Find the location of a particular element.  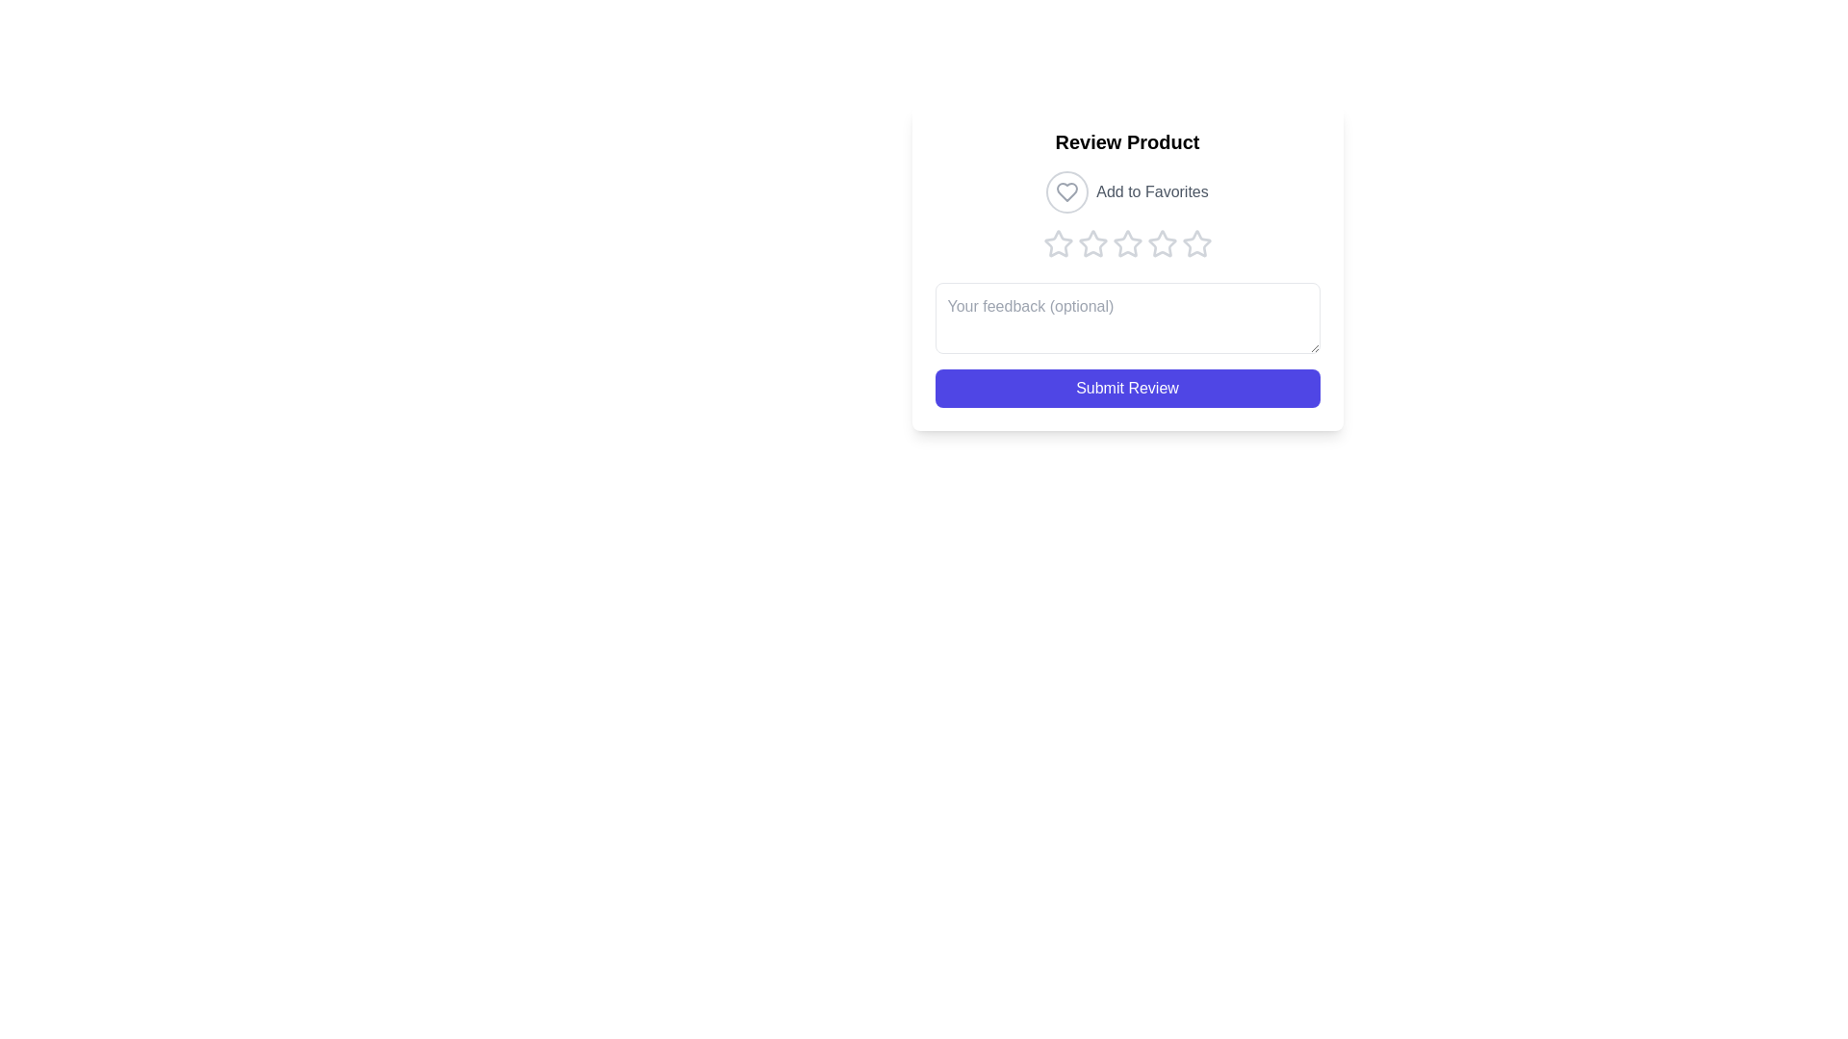

the second star in the rating system to express a rating of two stars is located at coordinates (1092, 242).